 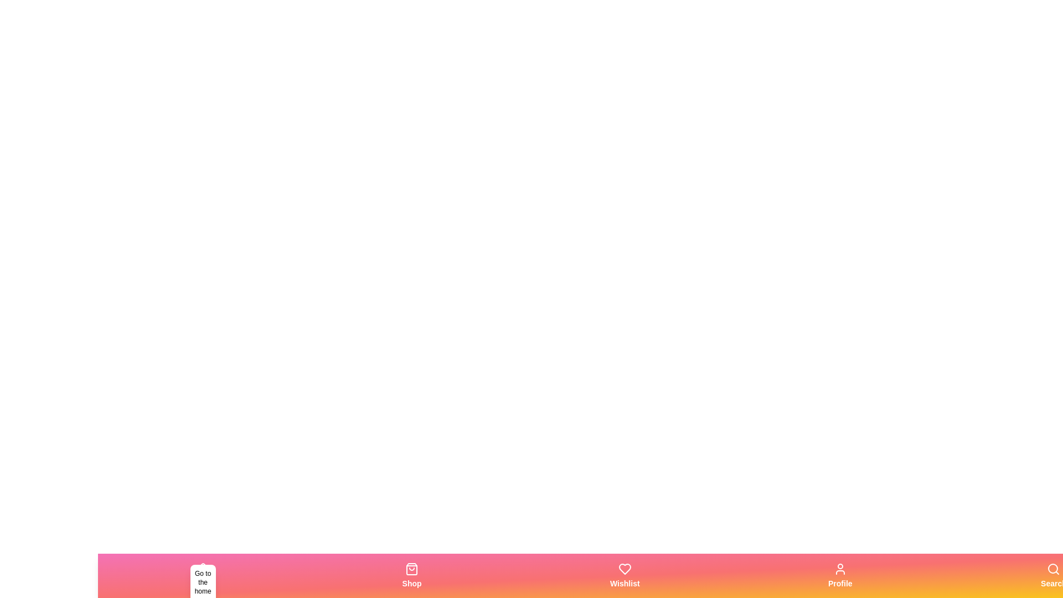 I want to click on the Wishlist tab to view its hint, so click(x=625, y=575).